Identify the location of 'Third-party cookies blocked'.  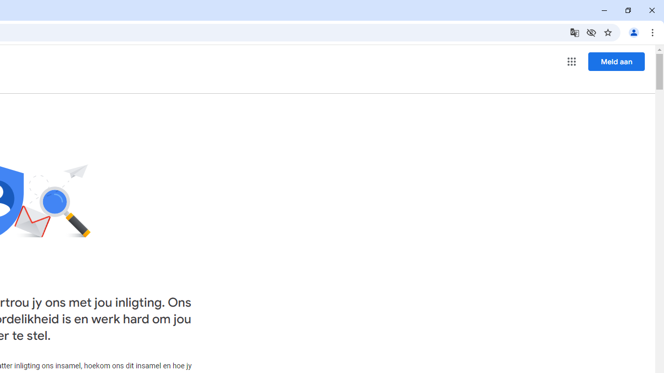
(591, 32).